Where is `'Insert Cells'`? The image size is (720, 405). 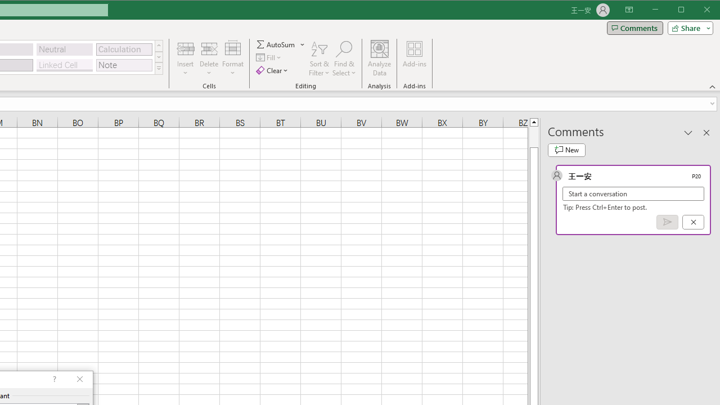 'Insert Cells' is located at coordinates (185, 48).